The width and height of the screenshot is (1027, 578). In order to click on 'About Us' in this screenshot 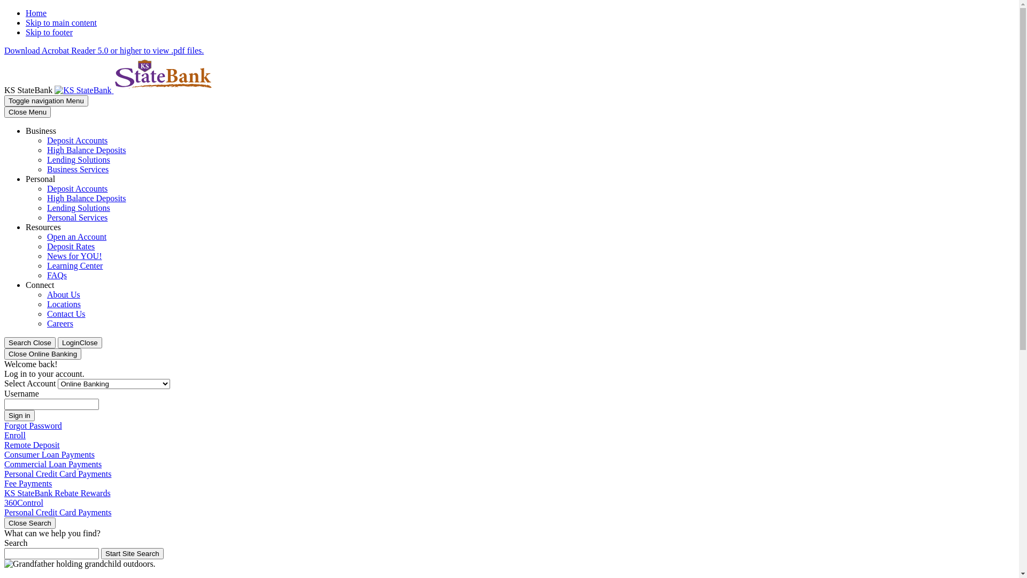, I will do `click(63, 294)`.